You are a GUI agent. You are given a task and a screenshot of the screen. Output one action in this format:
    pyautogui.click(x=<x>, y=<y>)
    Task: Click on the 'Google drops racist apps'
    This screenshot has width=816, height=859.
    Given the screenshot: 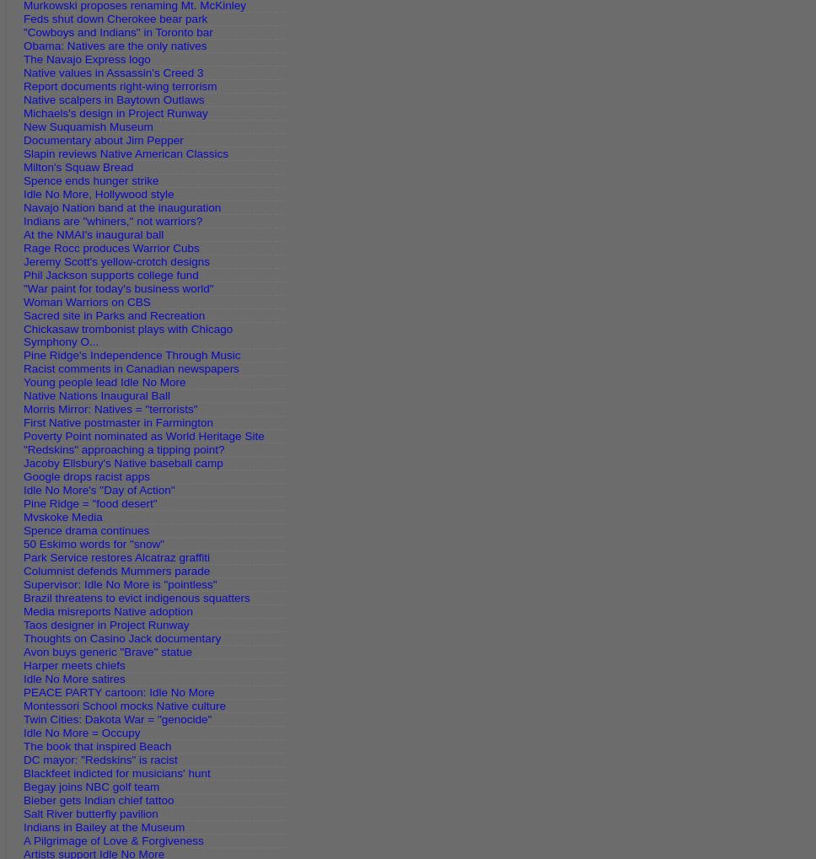 What is the action you would take?
    pyautogui.click(x=86, y=475)
    